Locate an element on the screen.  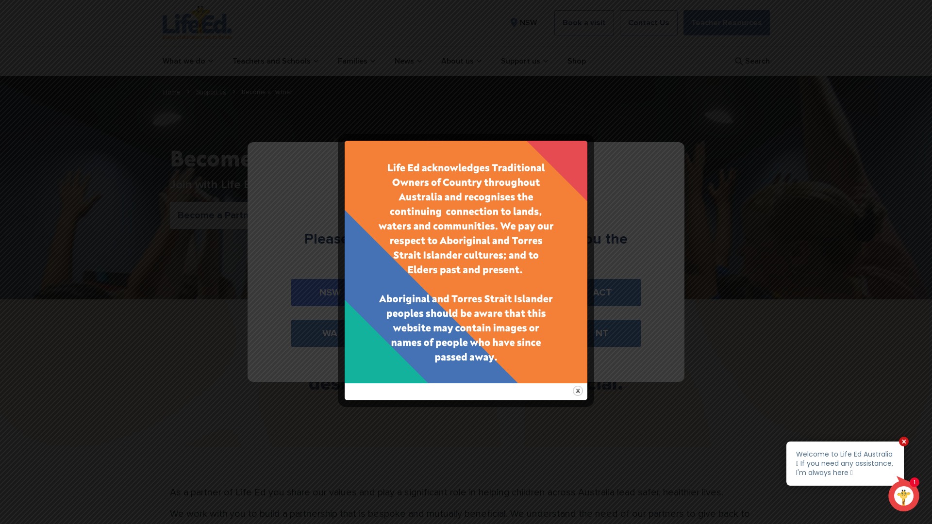
'VIC' is located at coordinates (420, 292).